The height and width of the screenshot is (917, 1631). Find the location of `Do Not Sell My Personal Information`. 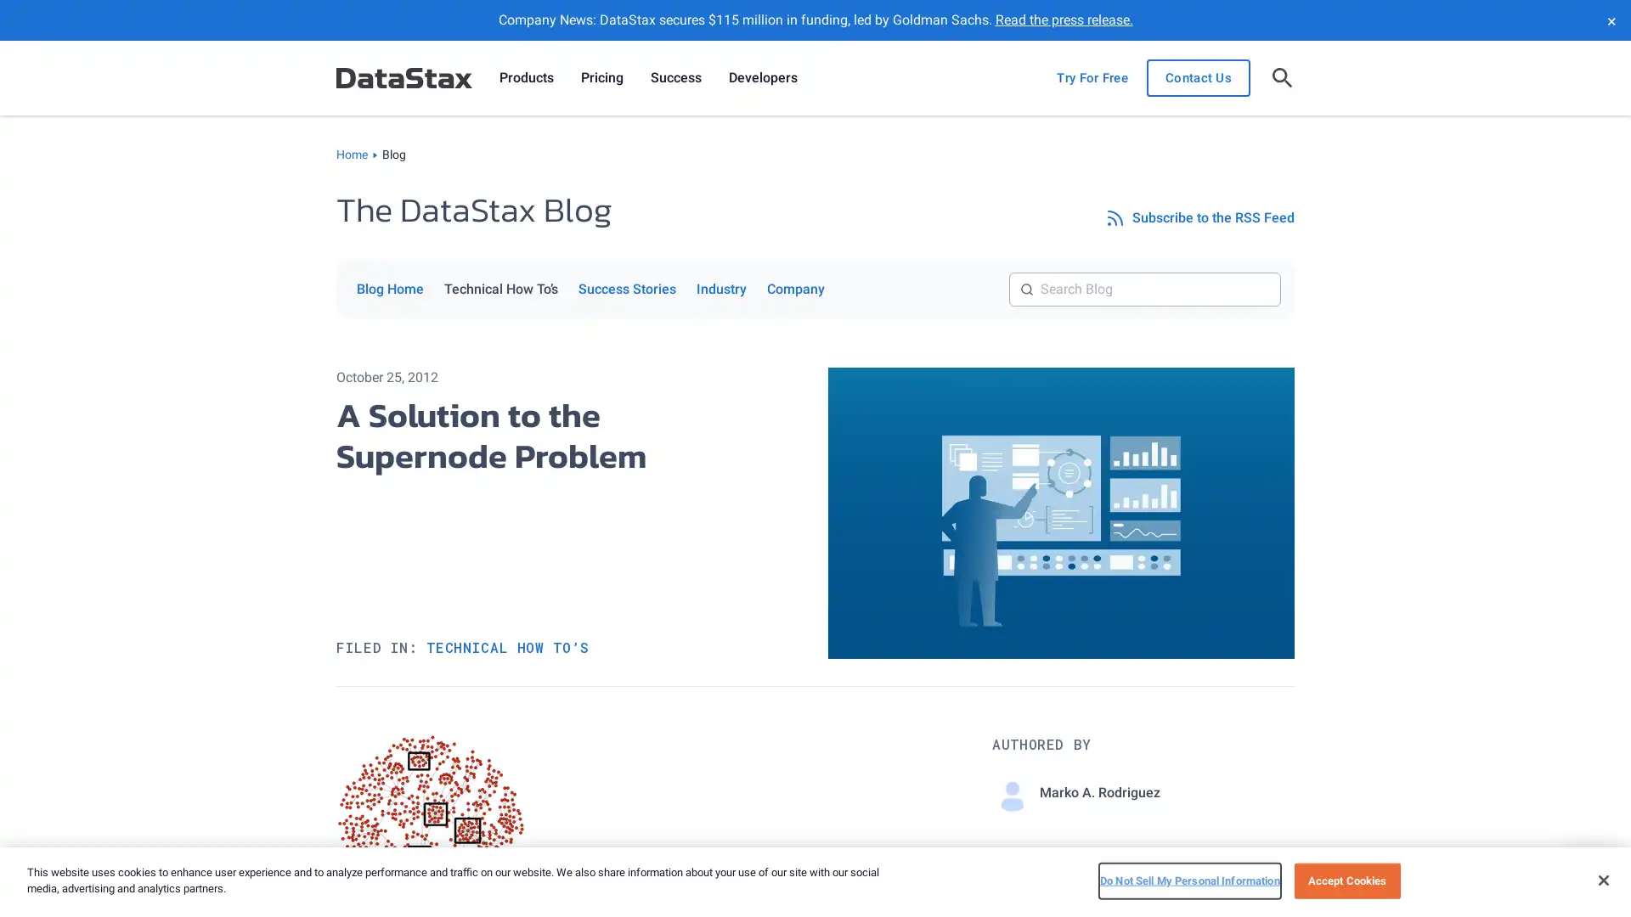

Do Not Sell My Personal Information is located at coordinates (1188, 880).